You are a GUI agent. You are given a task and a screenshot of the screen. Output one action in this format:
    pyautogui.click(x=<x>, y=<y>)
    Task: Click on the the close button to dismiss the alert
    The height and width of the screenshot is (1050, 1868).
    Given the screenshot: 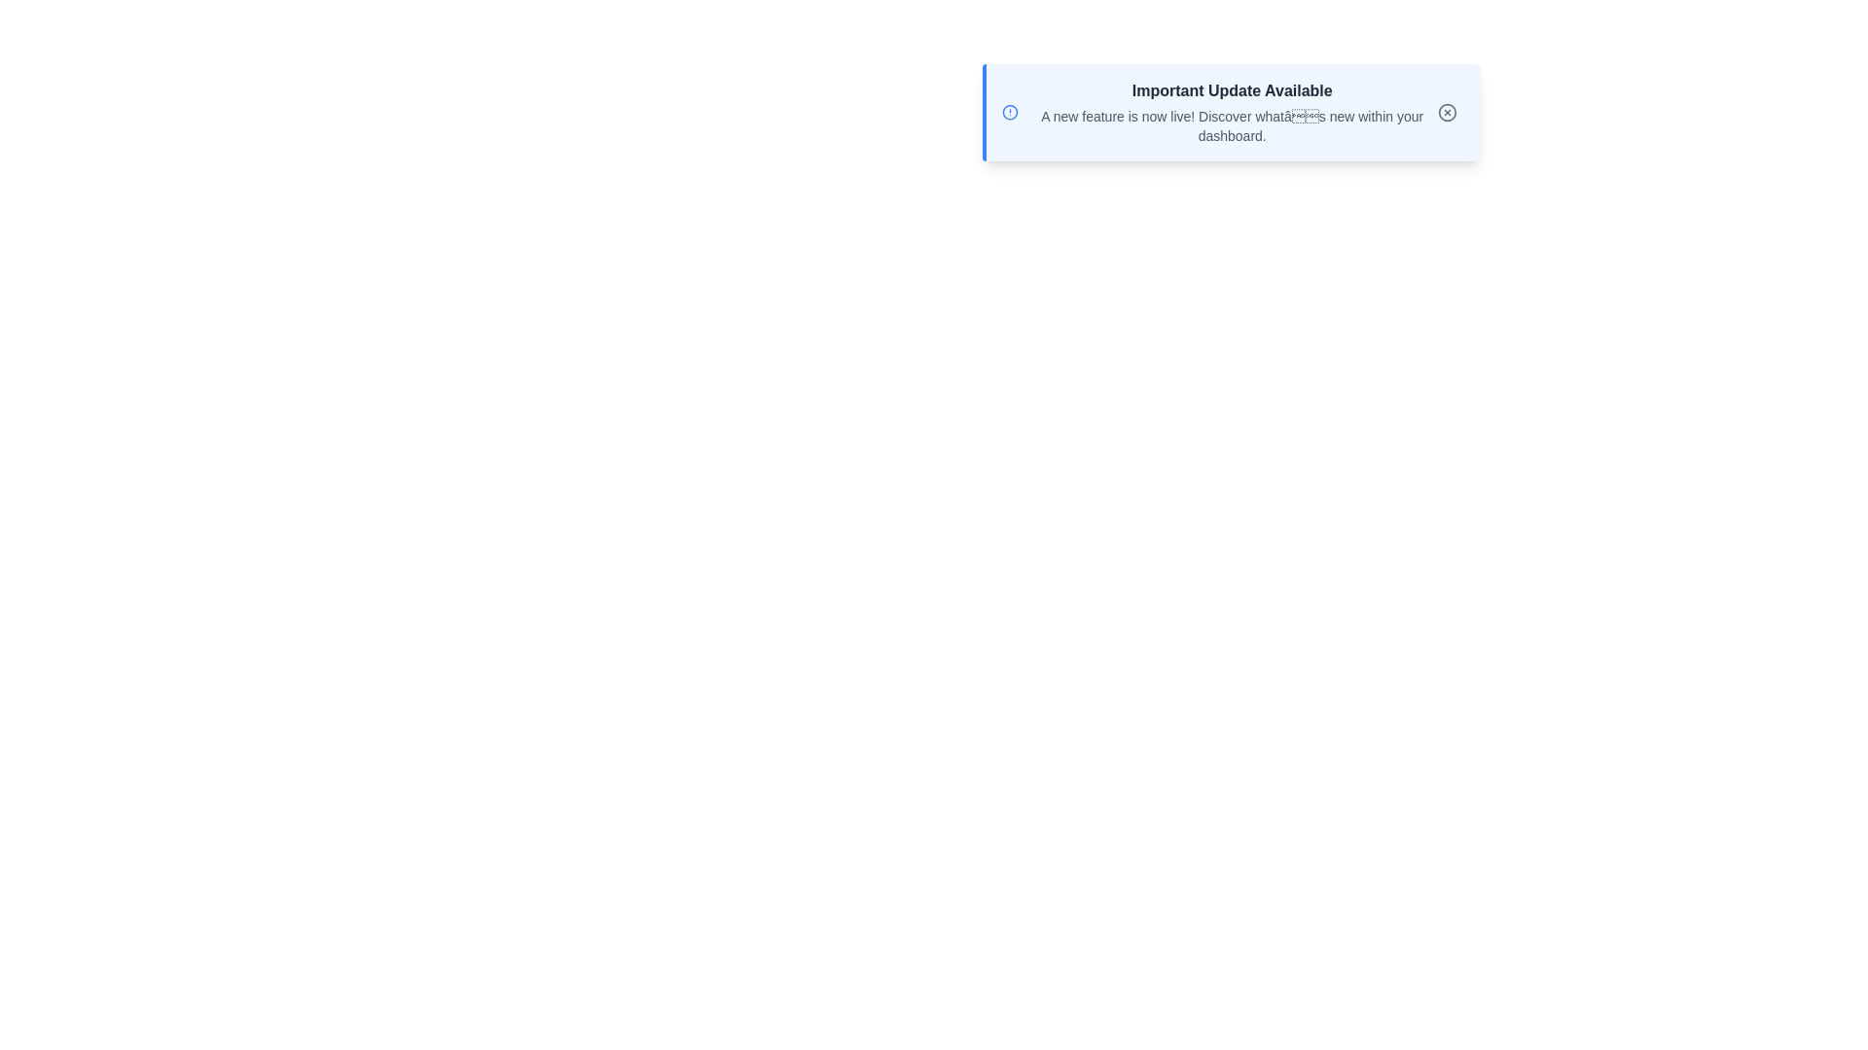 What is the action you would take?
    pyautogui.click(x=1448, y=112)
    